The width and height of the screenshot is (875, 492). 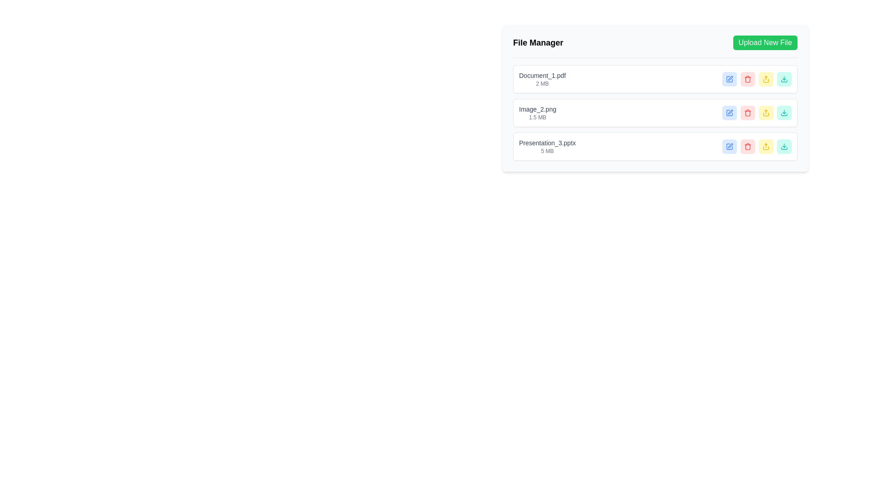 What do you see at coordinates (537, 108) in the screenshot?
I see `the text label displaying the file name 'Image_2.png' in the 'File Manager' table, located in the second row` at bounding box center [537, 108].